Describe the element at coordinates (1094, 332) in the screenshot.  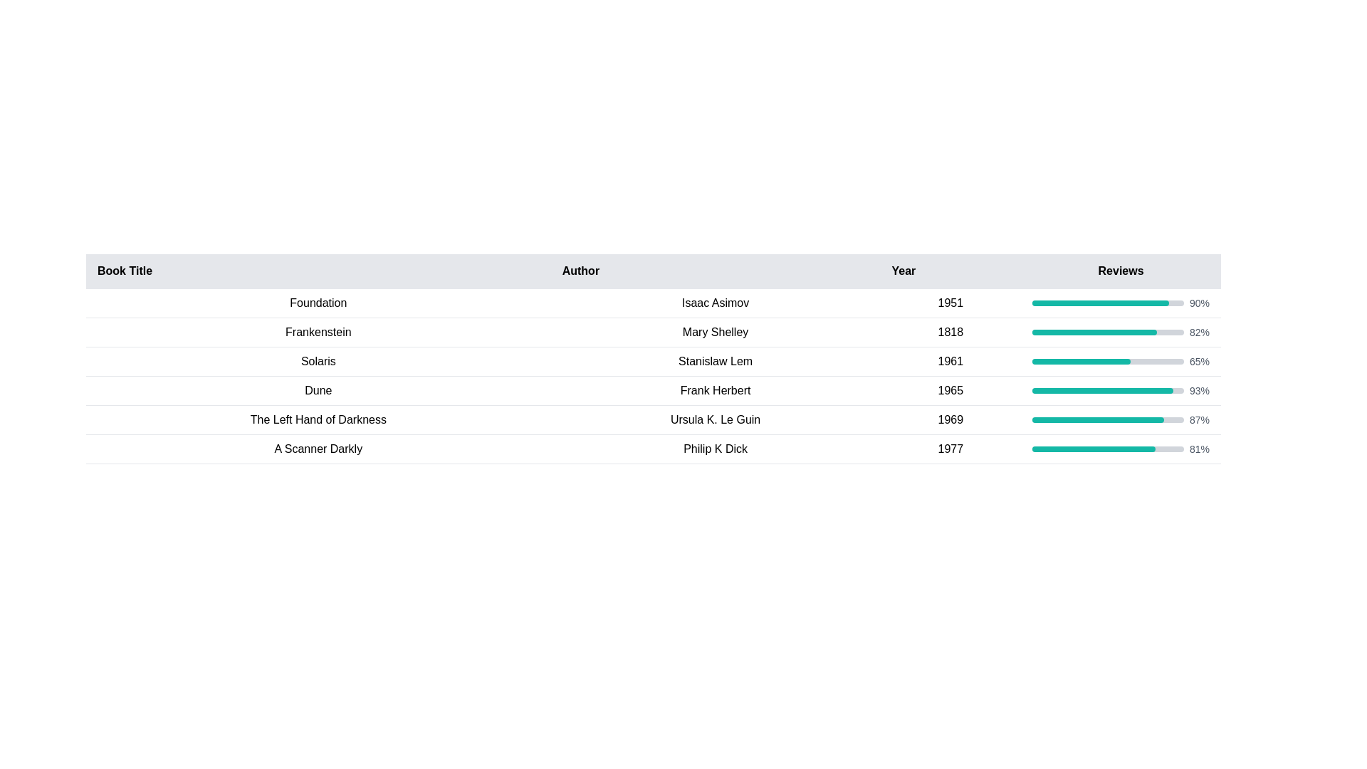
I see `the teal-colored progress bar representing the review percentage for the book 'Frankenstein' to potentially trigger an action` at that location.